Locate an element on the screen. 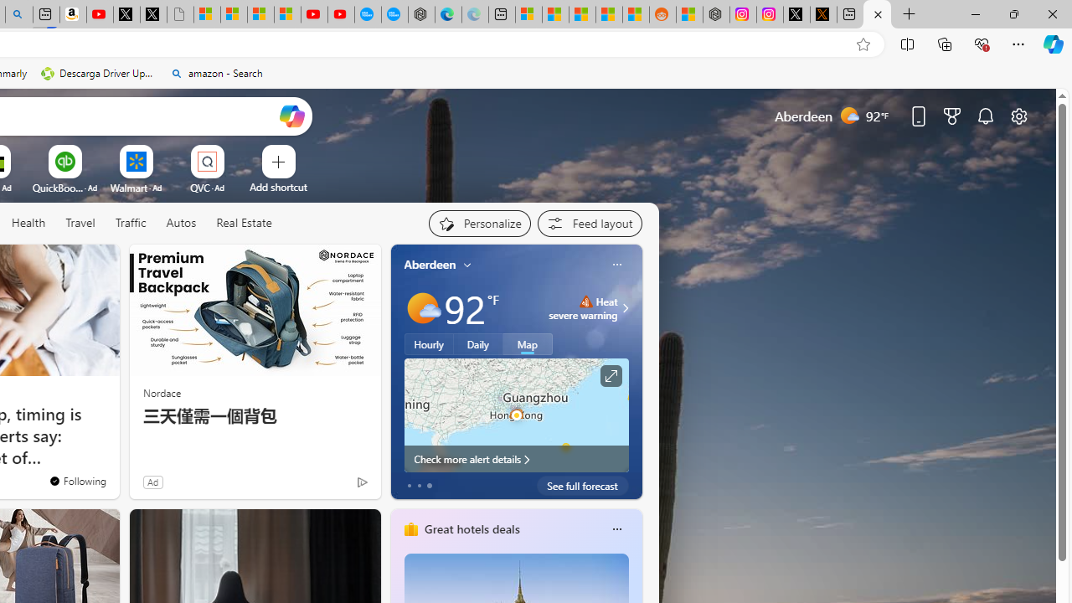 The image size is (1072, 603). 'Check more alert details' is located at coordinates (515, 458).